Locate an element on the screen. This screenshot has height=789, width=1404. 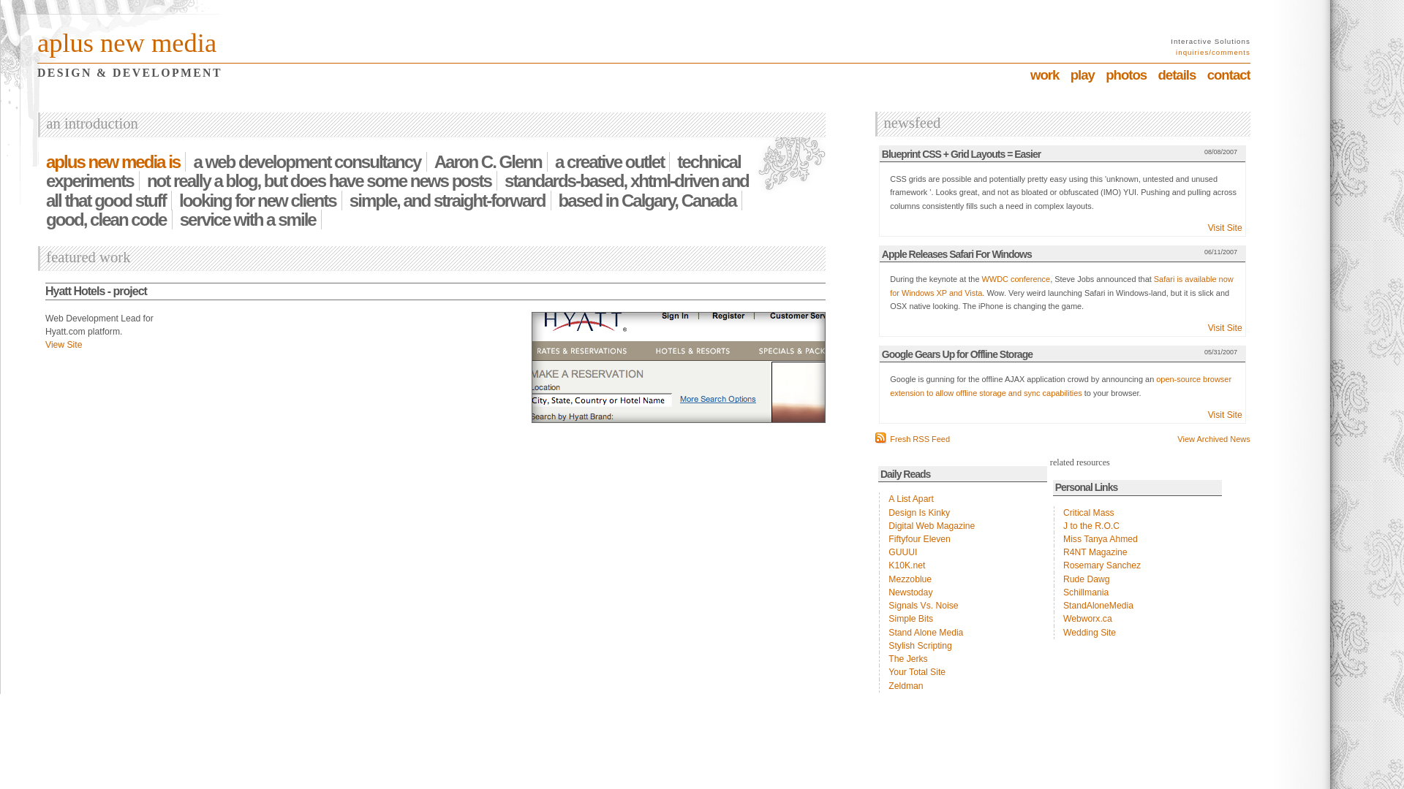
'Safari is available now for Windows XP and Vista' is located at coordinates (1061, 285).